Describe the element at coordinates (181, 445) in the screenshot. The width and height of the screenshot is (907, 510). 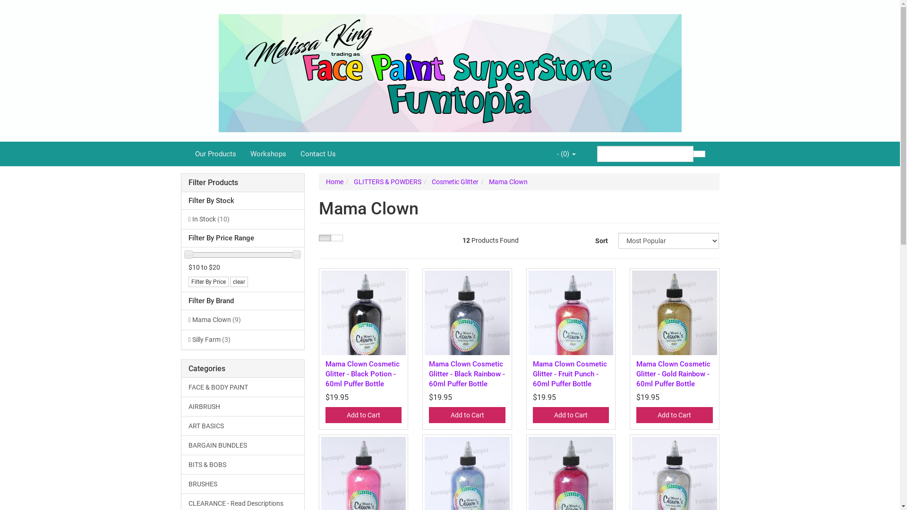
I see `'BARGAIN BUNDLES'` at that location.